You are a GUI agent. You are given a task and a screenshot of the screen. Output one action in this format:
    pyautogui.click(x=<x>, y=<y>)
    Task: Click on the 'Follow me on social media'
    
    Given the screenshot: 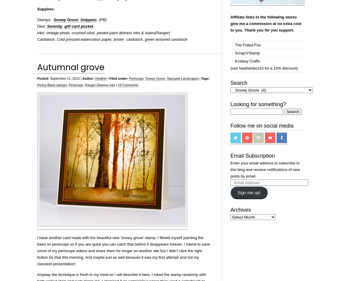 What is the action you would take?
    pyautogui.click(x=230, y=125)
    